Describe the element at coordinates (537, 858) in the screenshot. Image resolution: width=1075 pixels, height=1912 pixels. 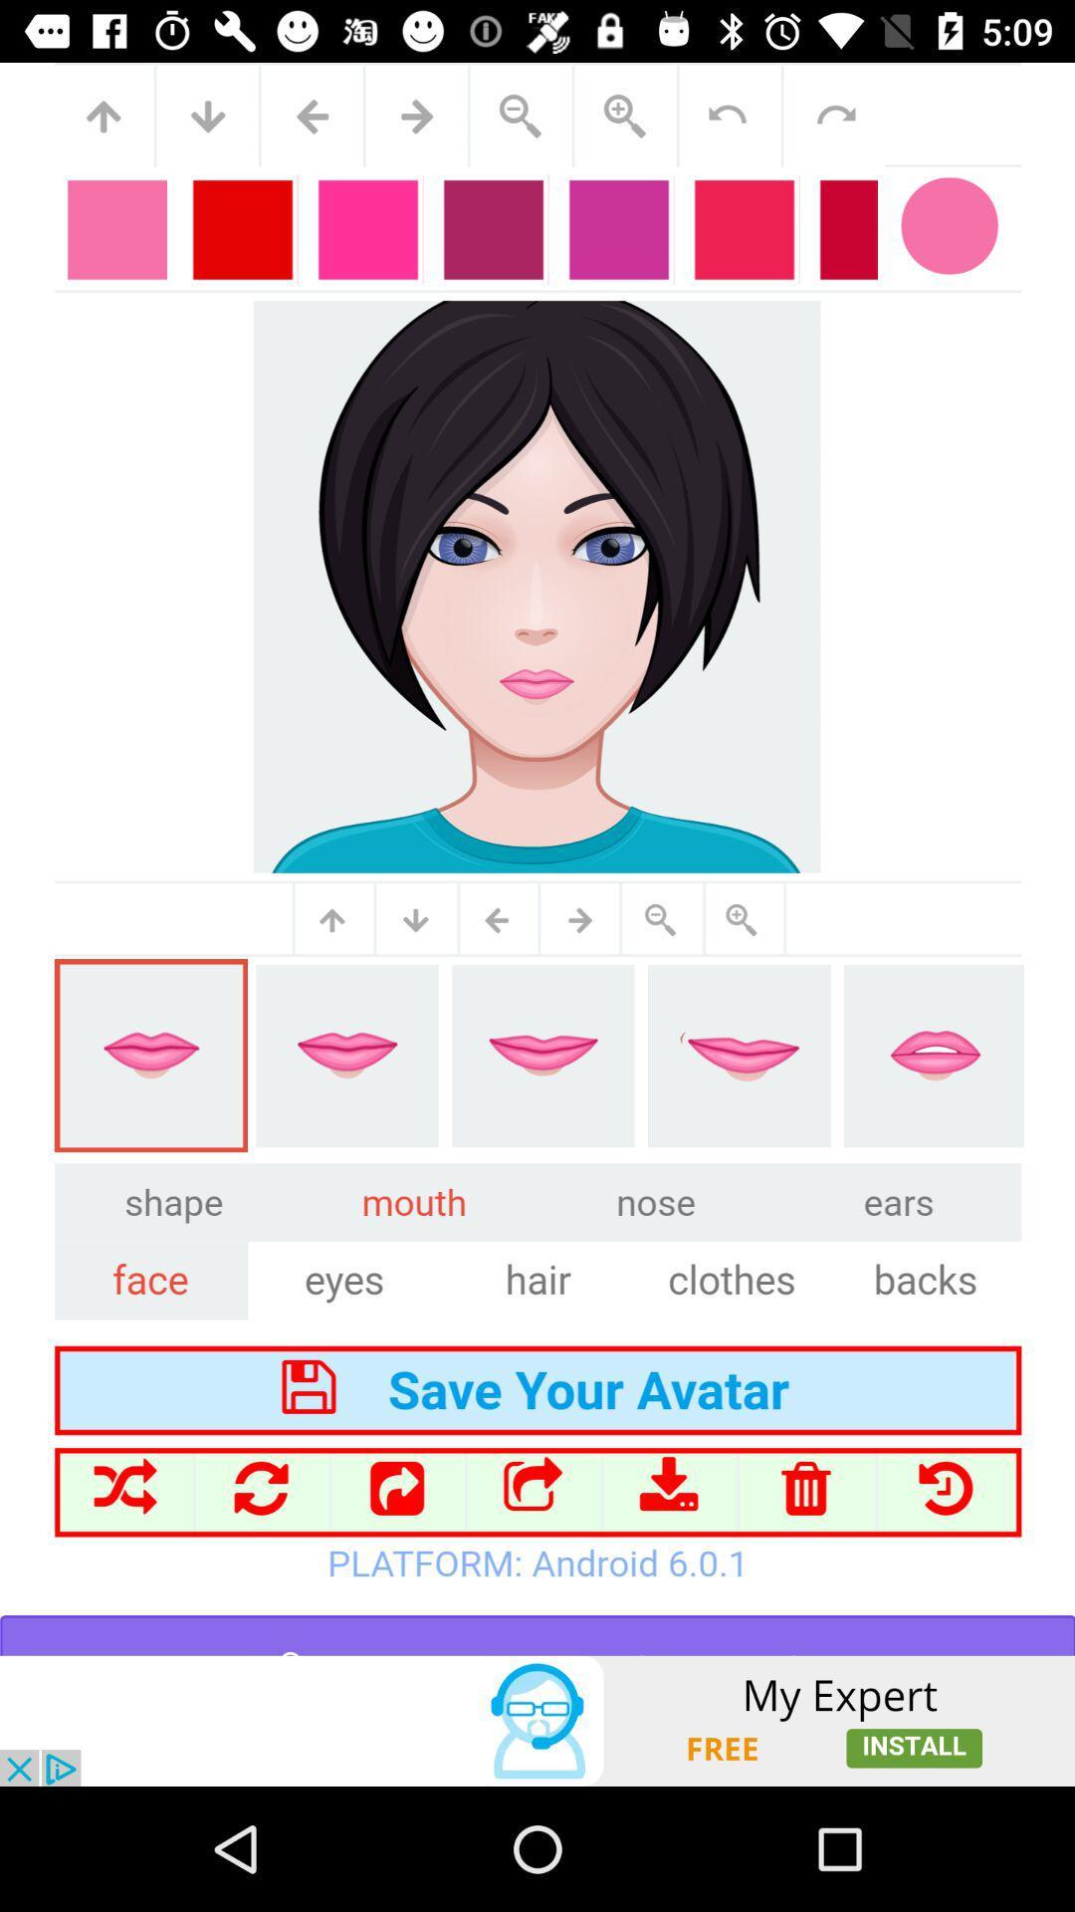
I see `makeup` at that location.